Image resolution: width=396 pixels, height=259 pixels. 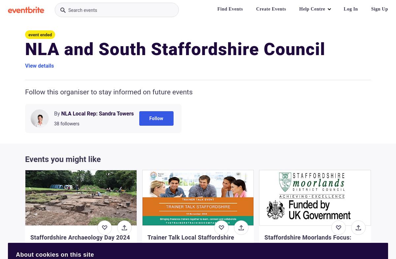 What do you see at coordinates (25, 49) in the screenshot?
I see `'NLA and South Staffordshire Council'` at bounding box center [25, 49].